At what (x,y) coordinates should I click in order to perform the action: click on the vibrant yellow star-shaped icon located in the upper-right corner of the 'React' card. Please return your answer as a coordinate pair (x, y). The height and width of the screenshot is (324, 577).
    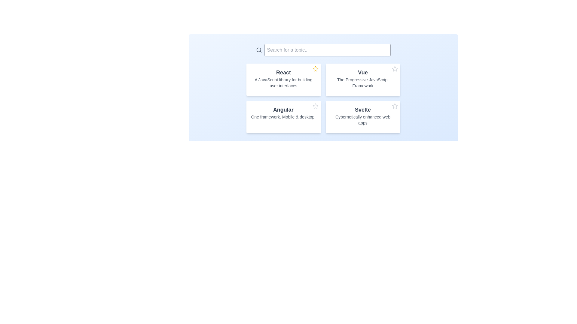
    Looking at the image, I should click on (315, 68).